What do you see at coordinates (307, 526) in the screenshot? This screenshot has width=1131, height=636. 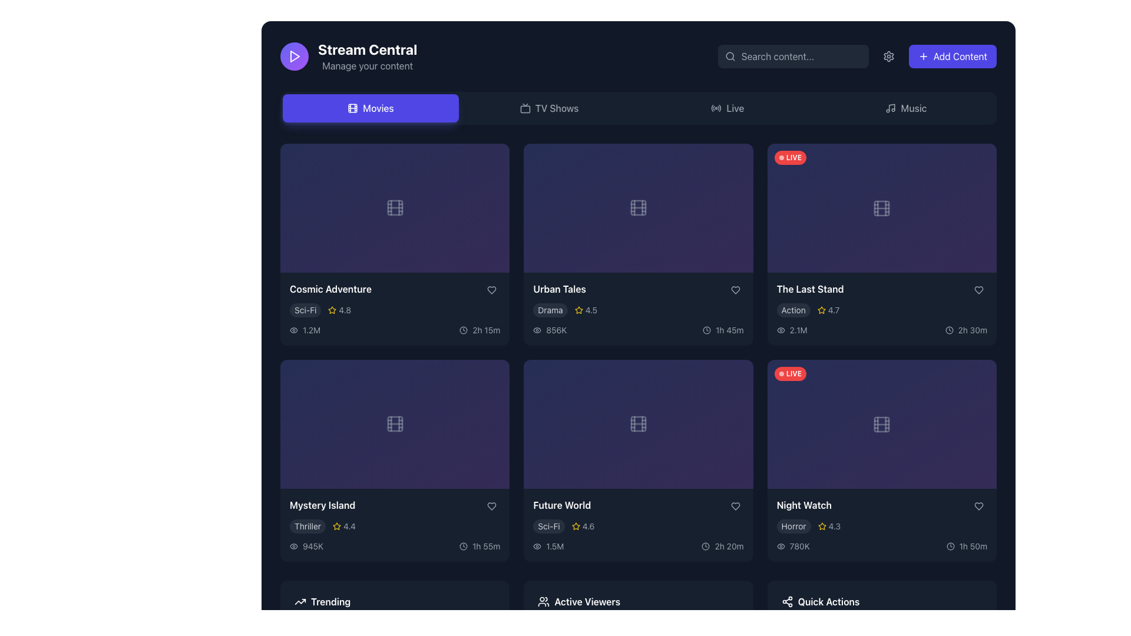 I see `the genre label indicating the movie 'Mystery Island' located in the 'Movies' section, positioned under the movie card and to the left of the star rating` at bounding box center [307, 526].